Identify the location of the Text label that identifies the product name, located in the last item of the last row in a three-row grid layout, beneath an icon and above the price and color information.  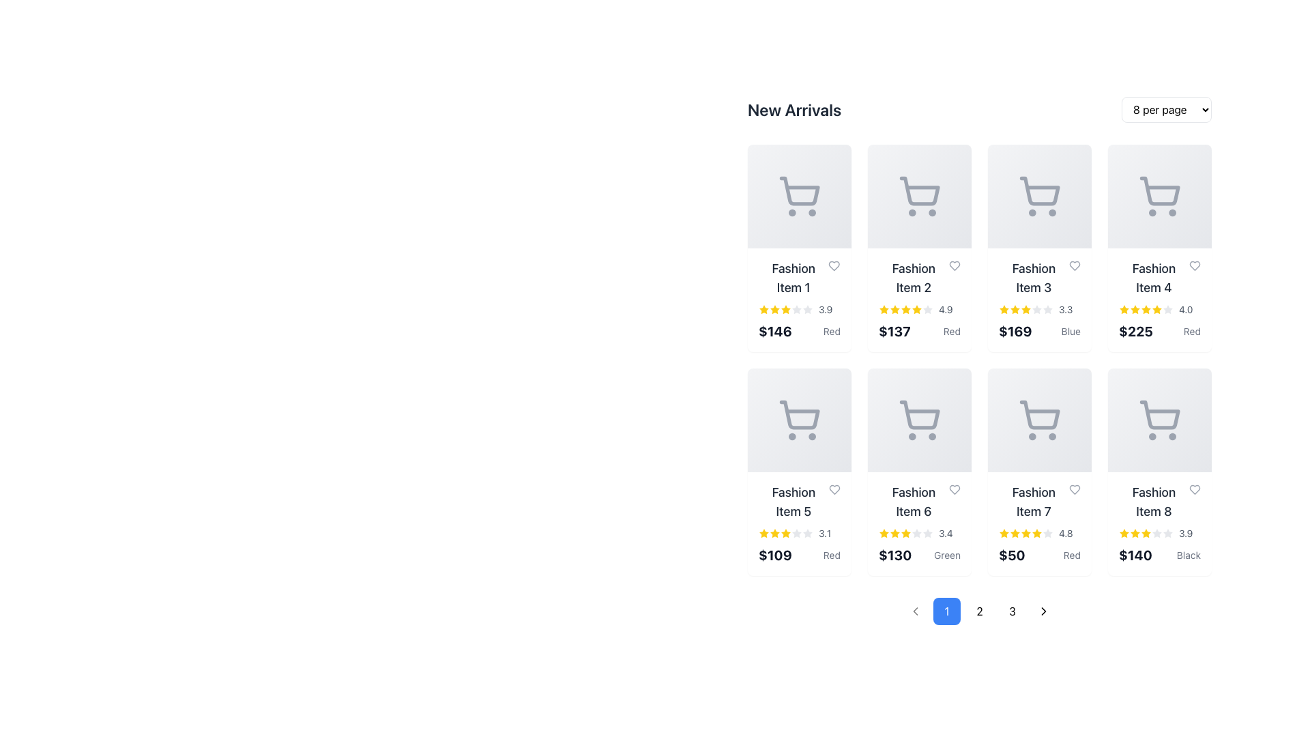
(1159, 502).